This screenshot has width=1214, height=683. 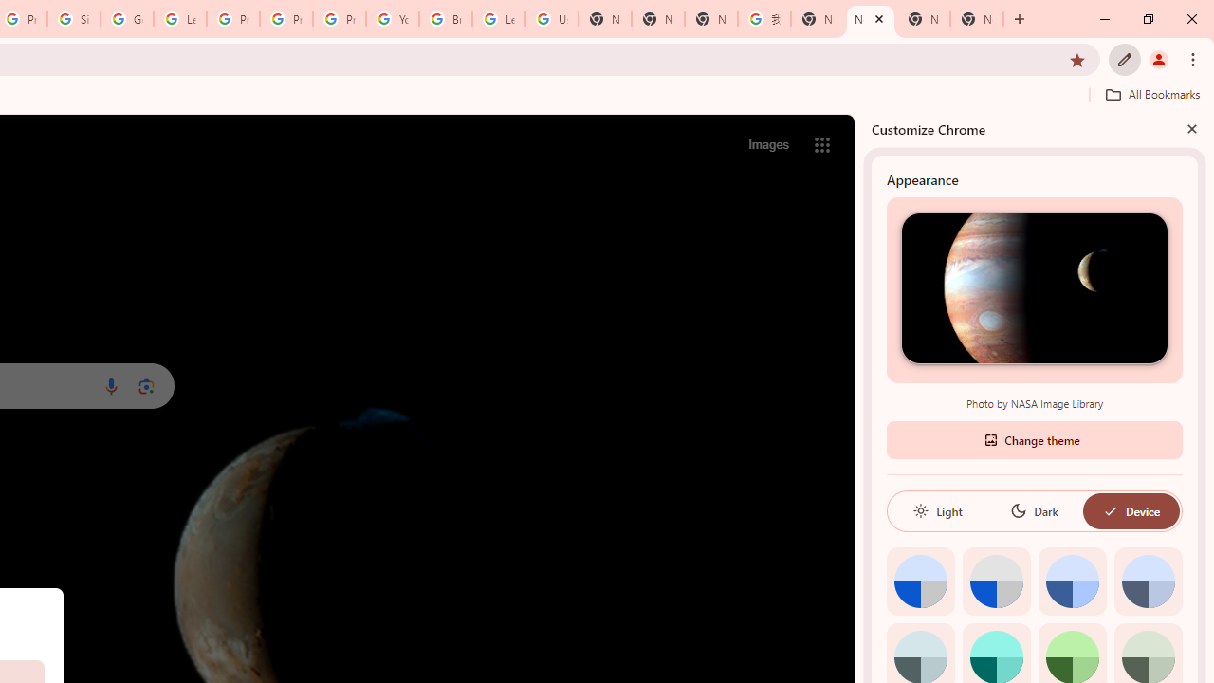 I want to click on 'Light', so click(x=937, y=509).